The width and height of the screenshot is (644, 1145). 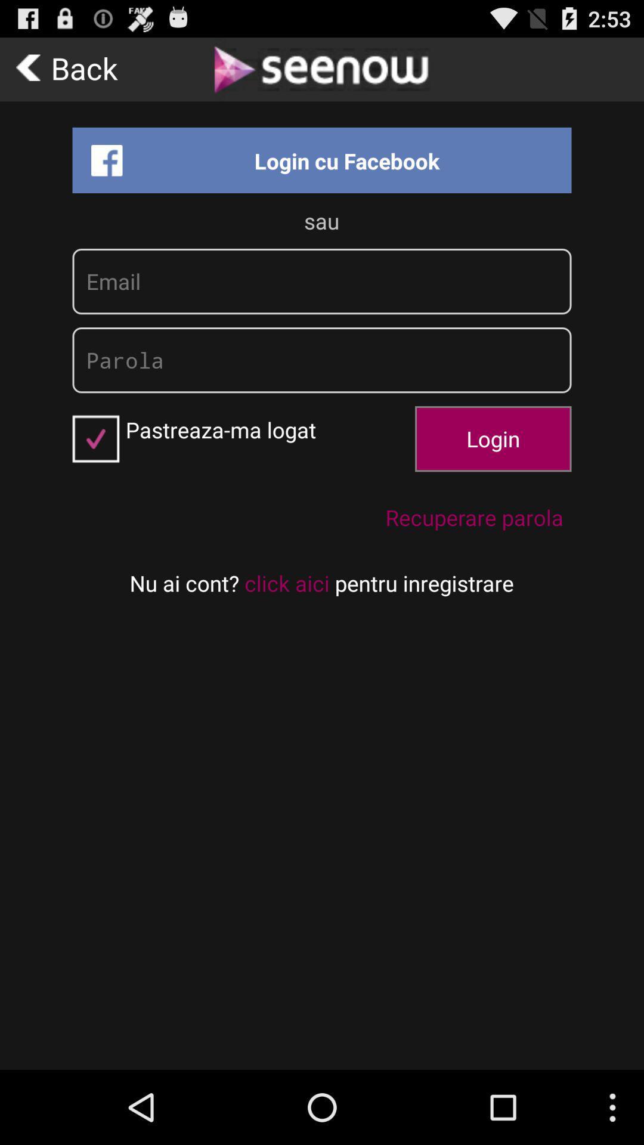 What do you see at coordinates (321, 583) in the screenshot?
I see `the text on the bottom line of the web page` at bounding box center [321, 583].